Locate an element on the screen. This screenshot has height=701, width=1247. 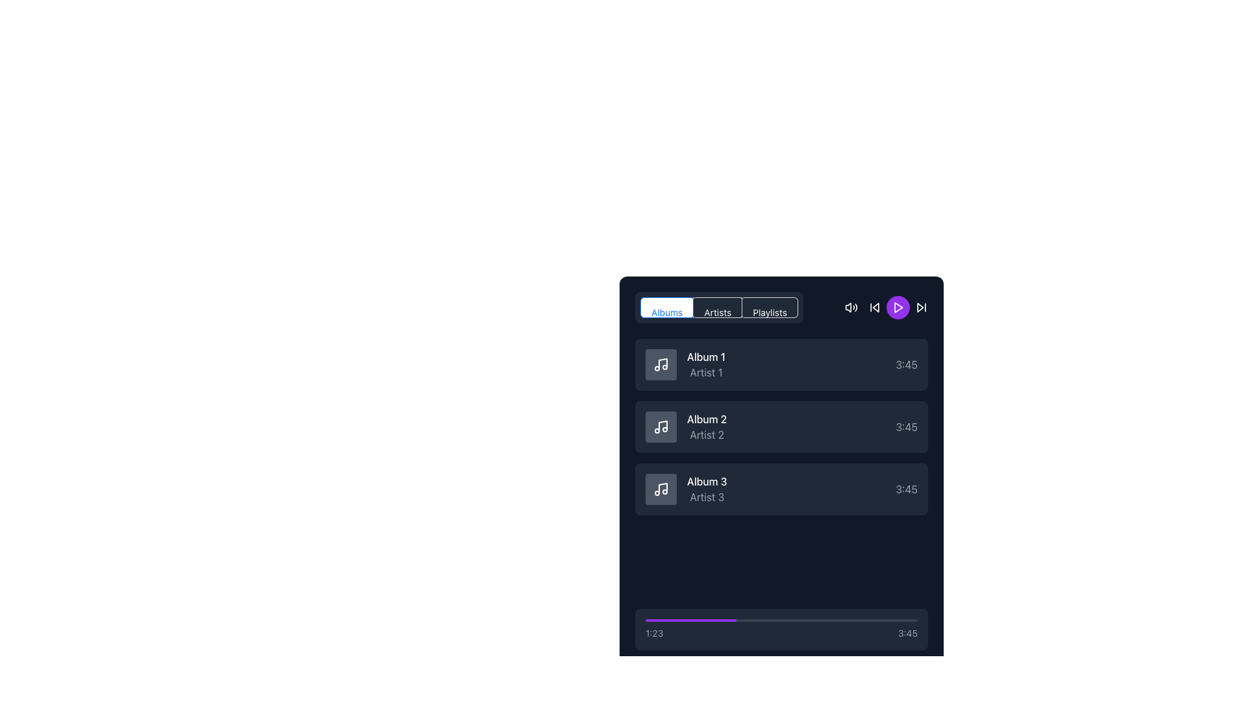
the textual information block displaying the album title and artist in the second row of the list is located at coordinates (685, 427).